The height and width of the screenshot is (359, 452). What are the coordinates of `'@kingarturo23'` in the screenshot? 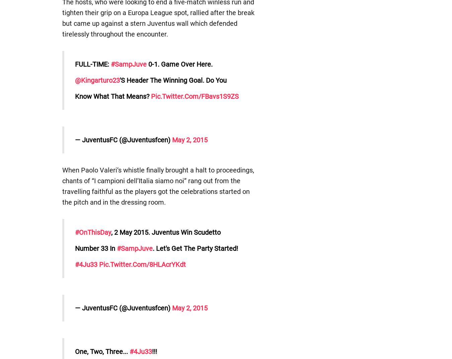 It's located at (96, 80).